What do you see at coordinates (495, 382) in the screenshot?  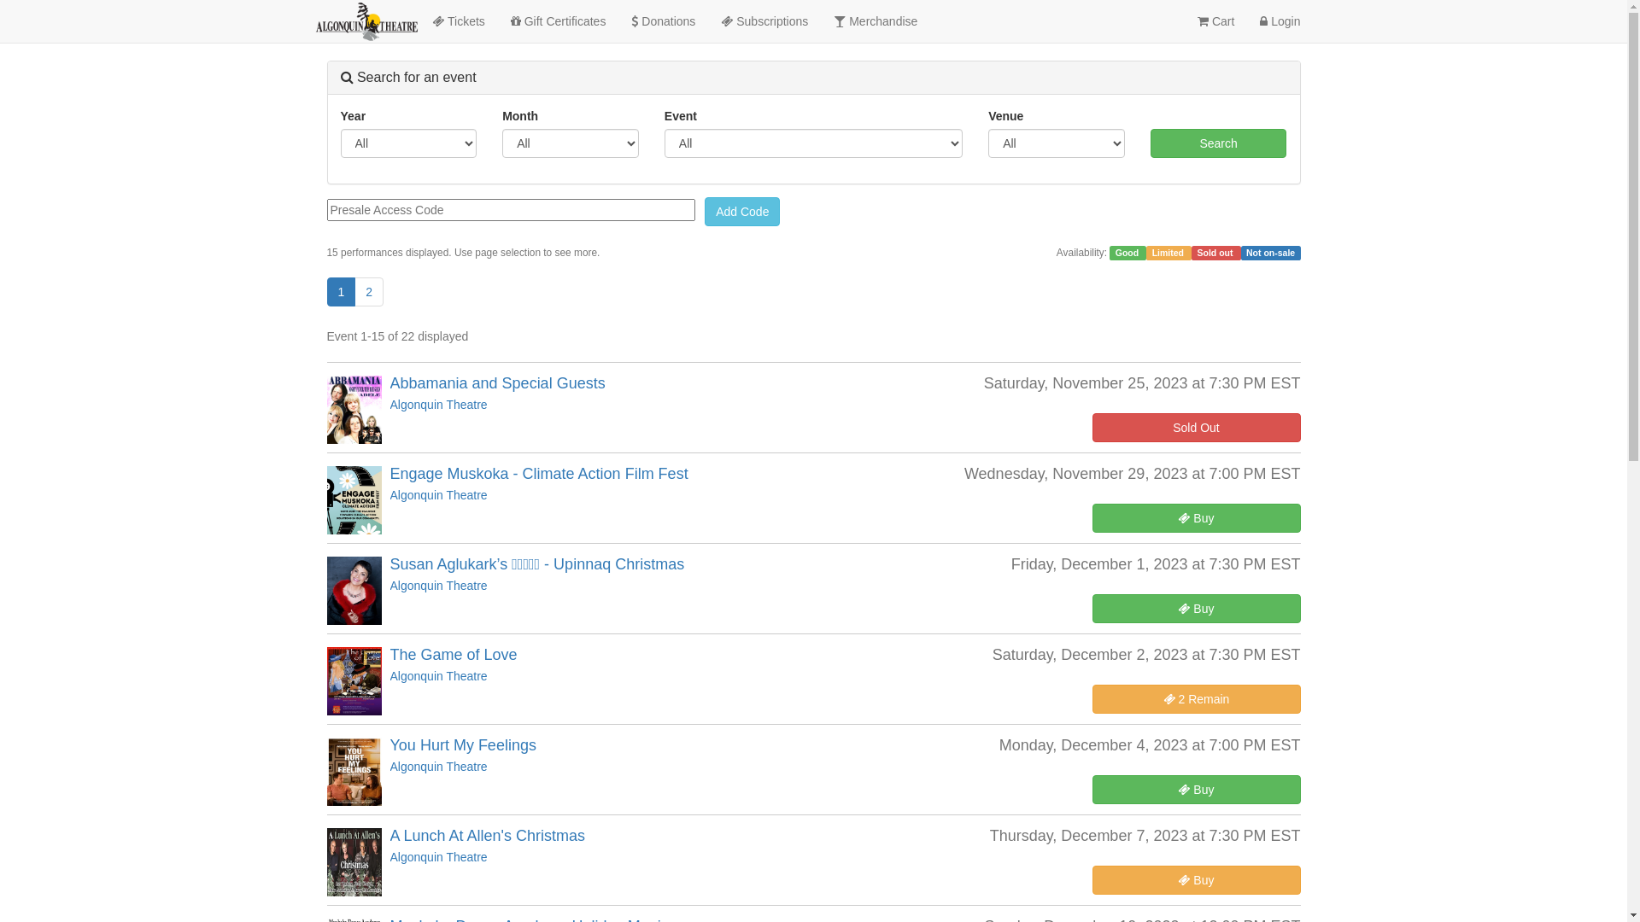 I see `'Abbamania and Special Guests'` at bounding box center [495, 382].